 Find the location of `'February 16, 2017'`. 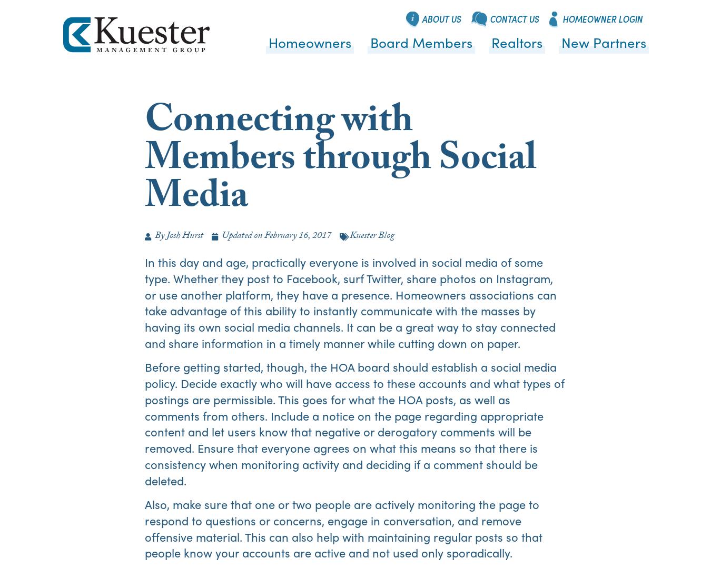

'February 16, 2017' is located at coordinates (296, 236).